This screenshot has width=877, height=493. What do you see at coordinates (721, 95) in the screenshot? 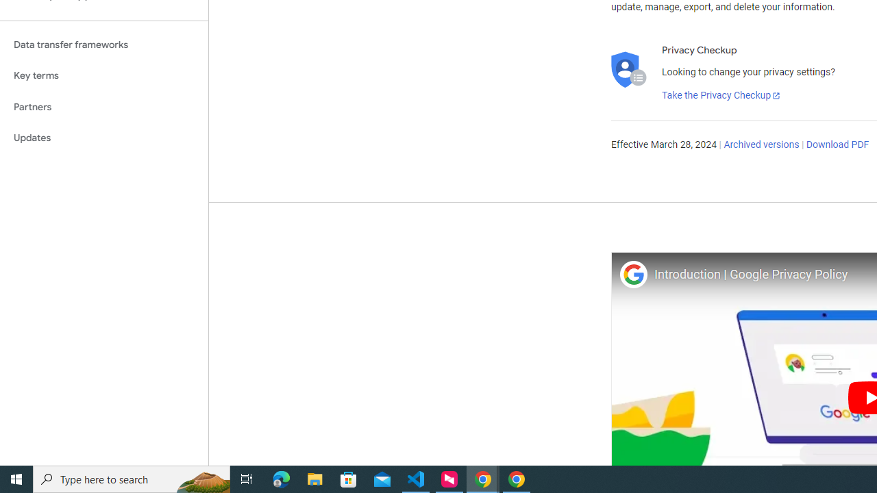
I see `'Take the Privacy Checkup'` at bounding box center [721, 95].